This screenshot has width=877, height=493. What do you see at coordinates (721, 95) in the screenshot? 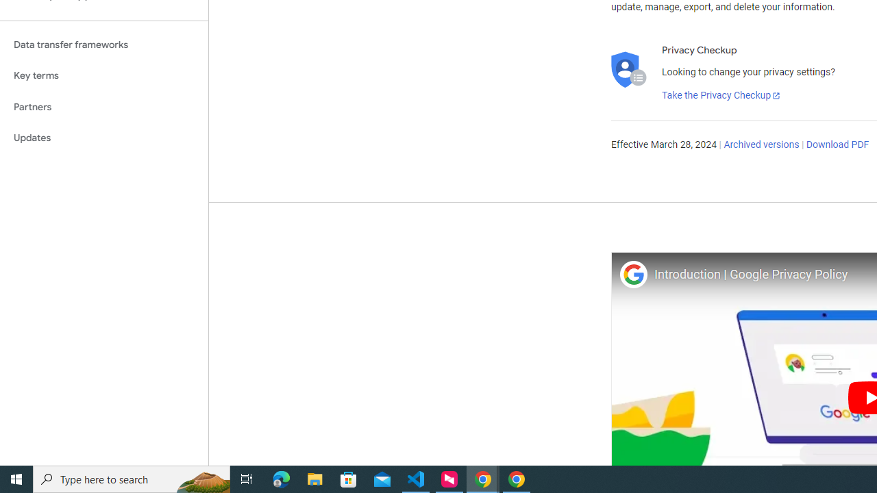
I see `'Take the Privacy Checkup'` at bounding box center [721, 95].